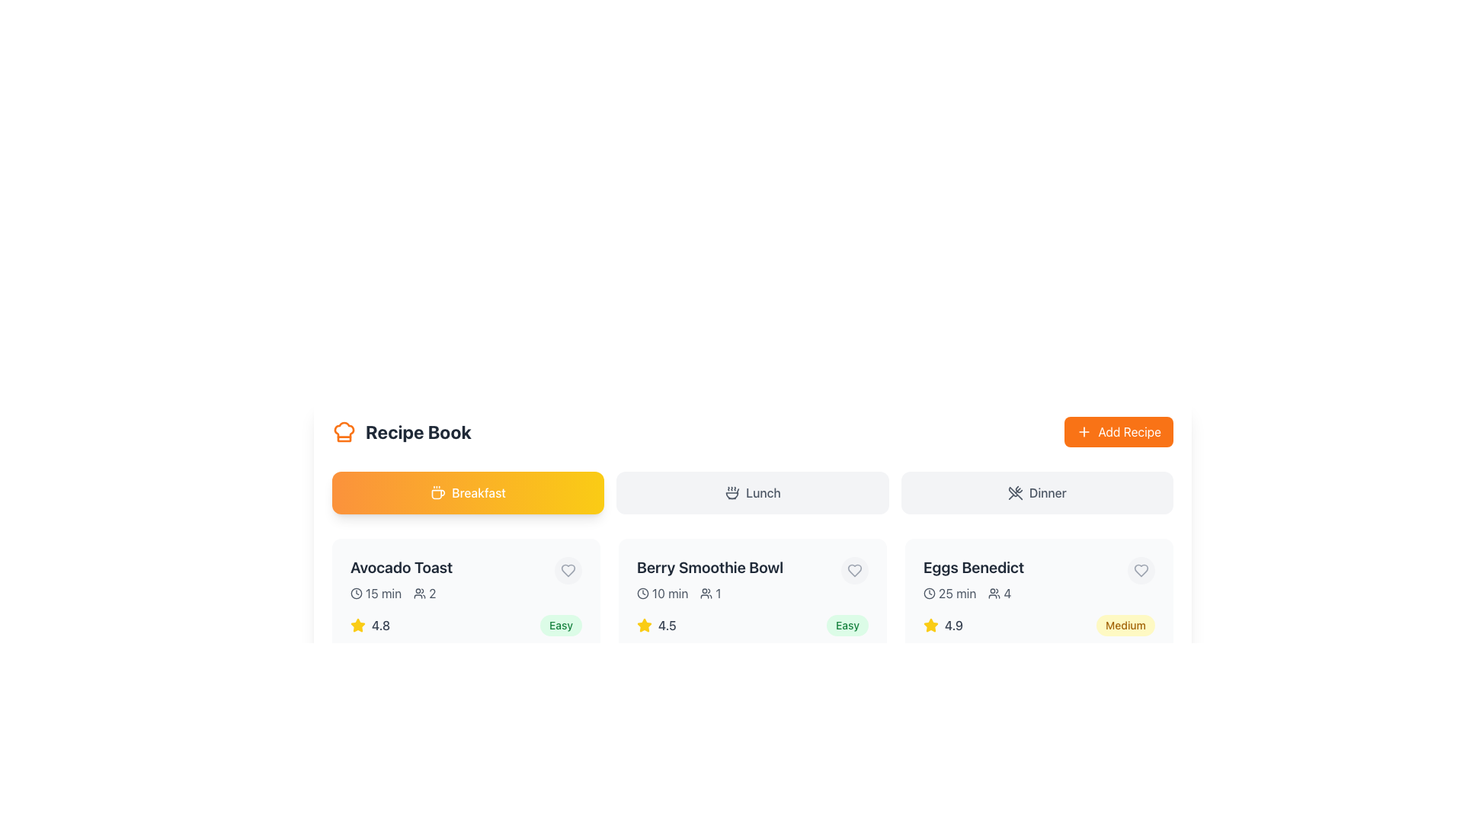 The image size is (1463, 823). I want to click on the number in the Rating display, which is represented by a star icon and a numeric value, so click(370, 626).